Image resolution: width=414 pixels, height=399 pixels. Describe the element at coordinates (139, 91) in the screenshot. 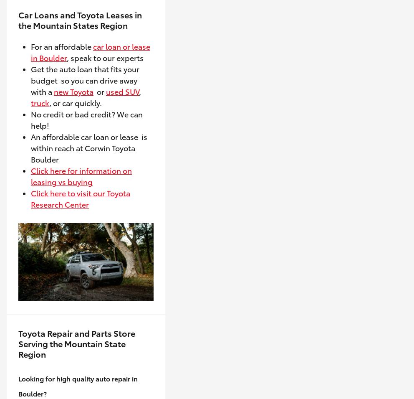

I see `','` at that location.